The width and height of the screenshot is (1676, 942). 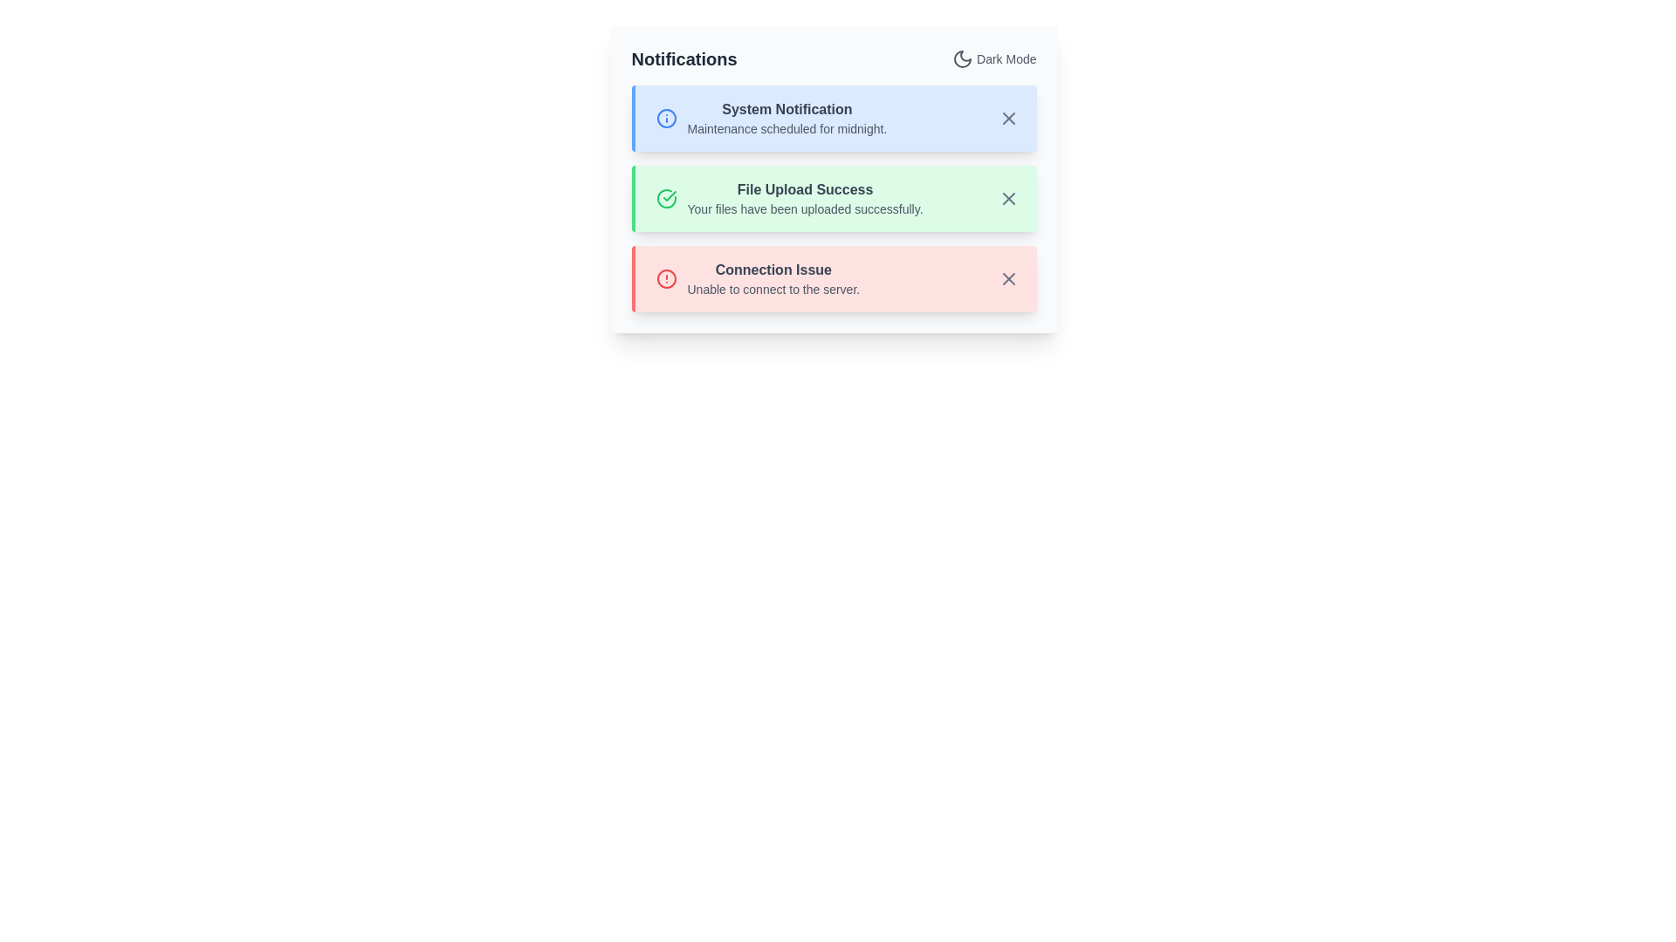 I want to click on notification message displayed in the text element that conveys a connection issue, located at the bottom of the notifications list, between the icon indicator and the close button, so click(x=773, y=278).